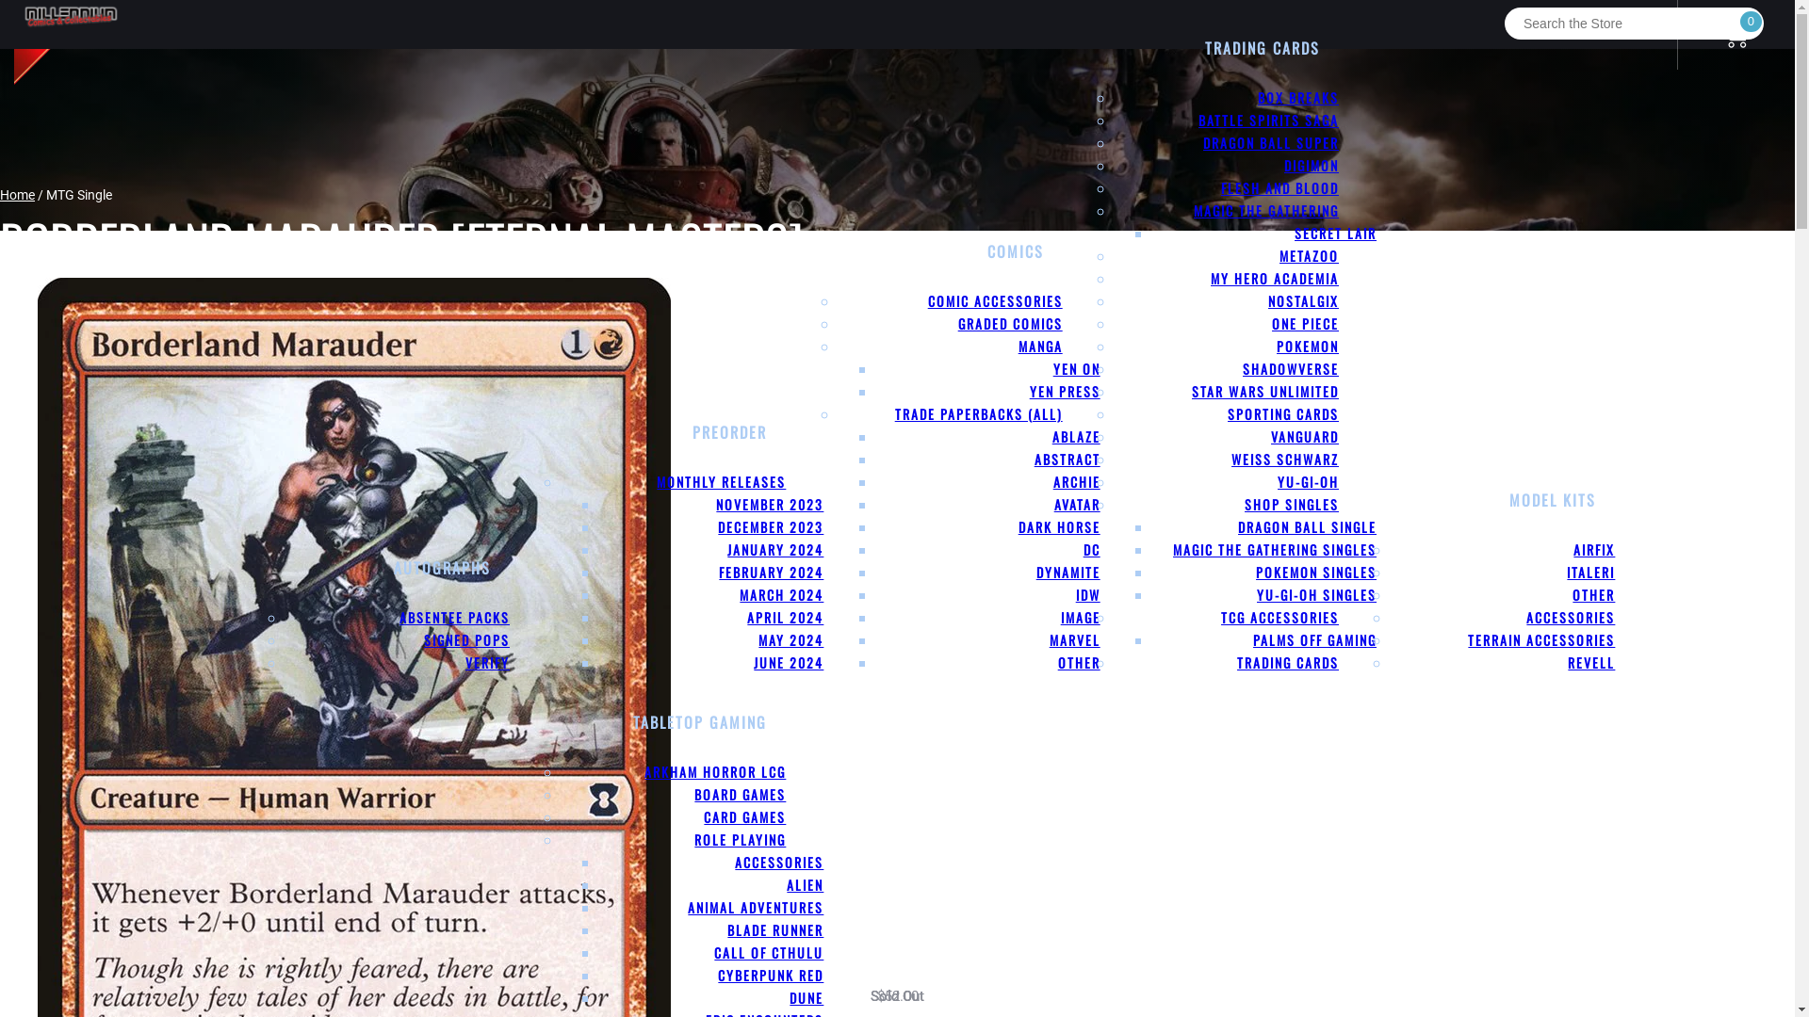 Image resolution: width=1809 pixels, height=1017 pixels. I want to click on 'SECRET LAIR', so click(1334, 232).